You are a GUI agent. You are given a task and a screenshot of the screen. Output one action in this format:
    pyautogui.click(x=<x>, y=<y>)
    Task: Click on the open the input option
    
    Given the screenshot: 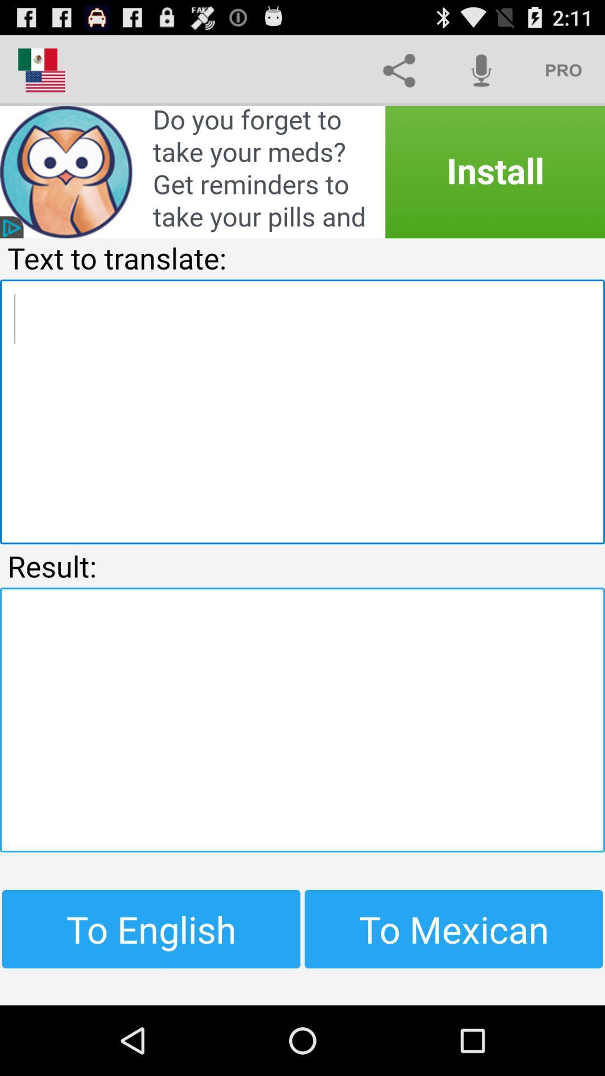 What is the action you would take?
    pyautogui.click(x=302, y=411)
    